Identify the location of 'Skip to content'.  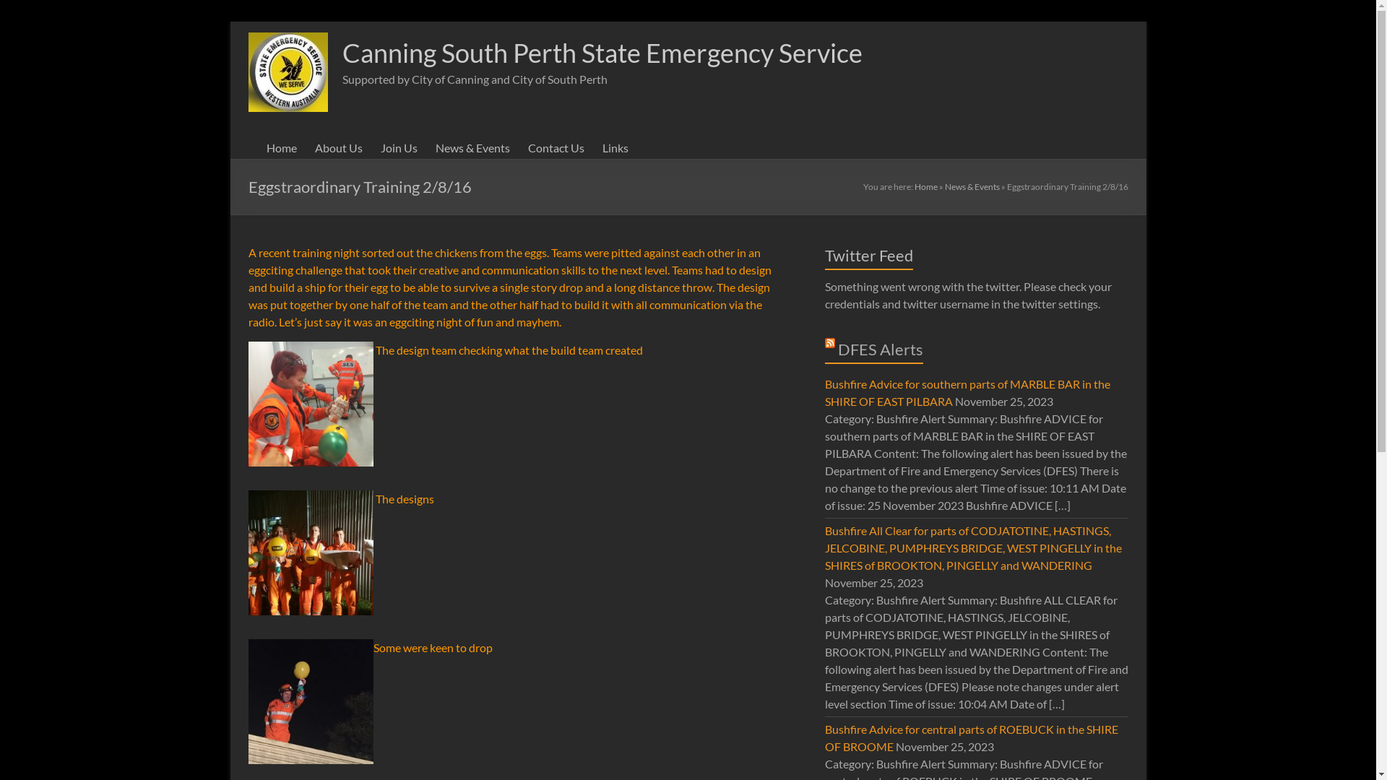
(229, 21).